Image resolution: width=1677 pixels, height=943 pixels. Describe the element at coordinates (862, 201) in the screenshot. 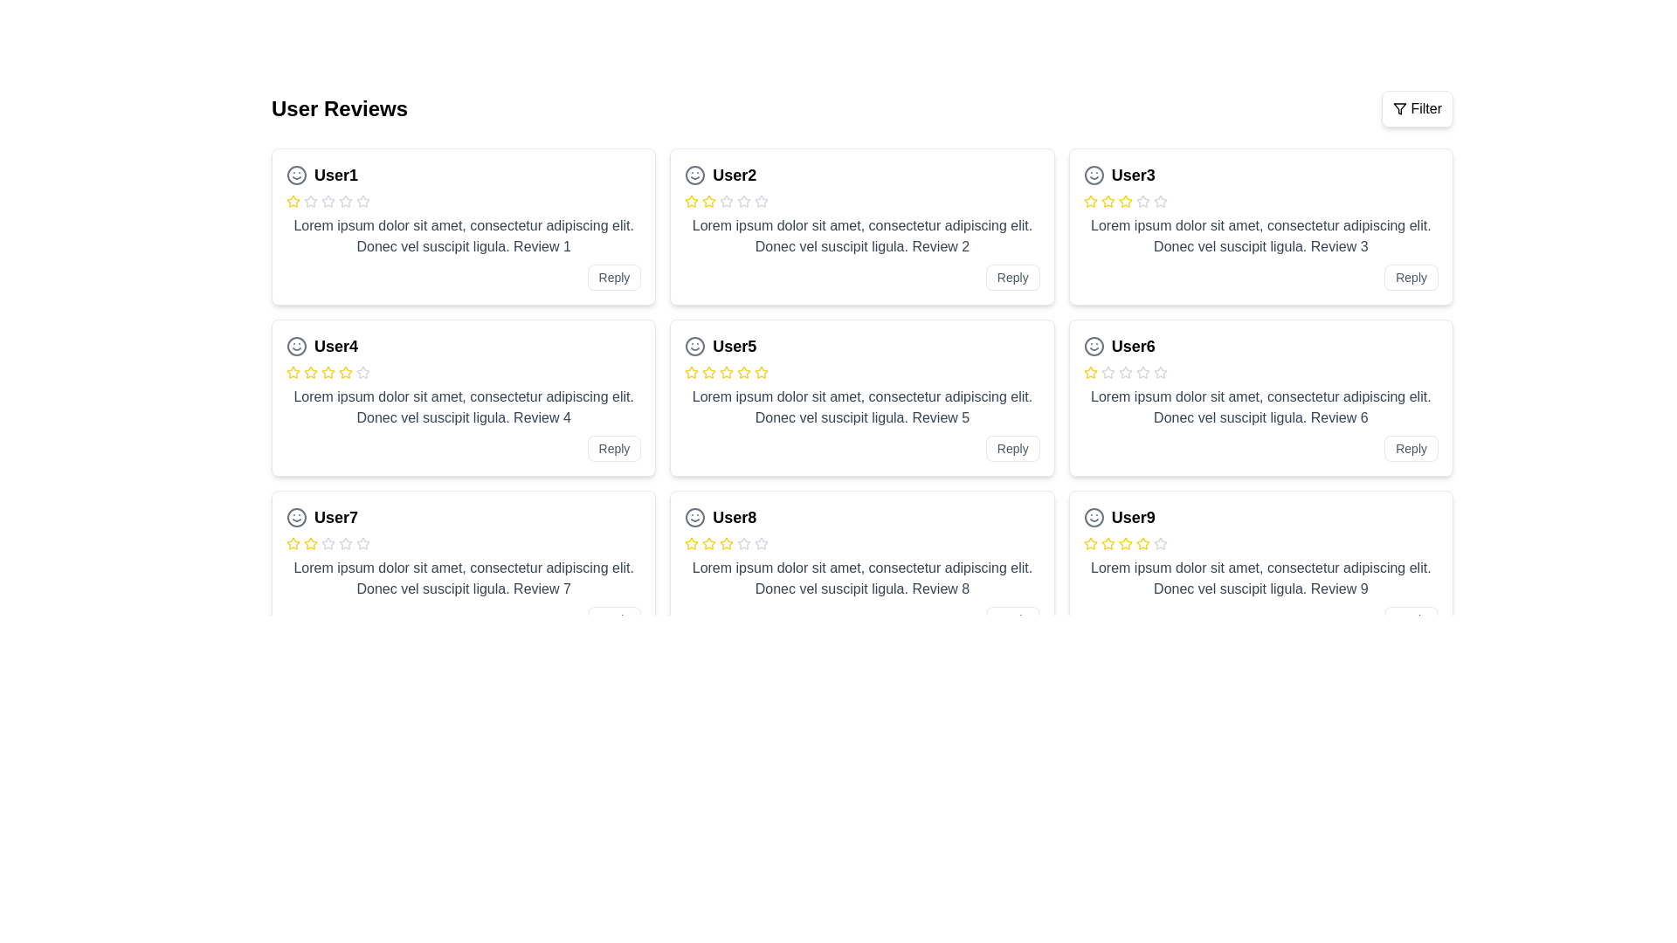

I see `the non-interactive Rating control displayed as five star-shaped icons, where the first two stars are yellow and the remaining three are gray, located within the review card labeled 'User2'` at that location.